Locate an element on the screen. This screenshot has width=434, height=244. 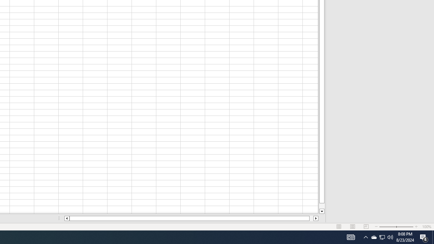
'Page right' is located at coordinates (311, 218).